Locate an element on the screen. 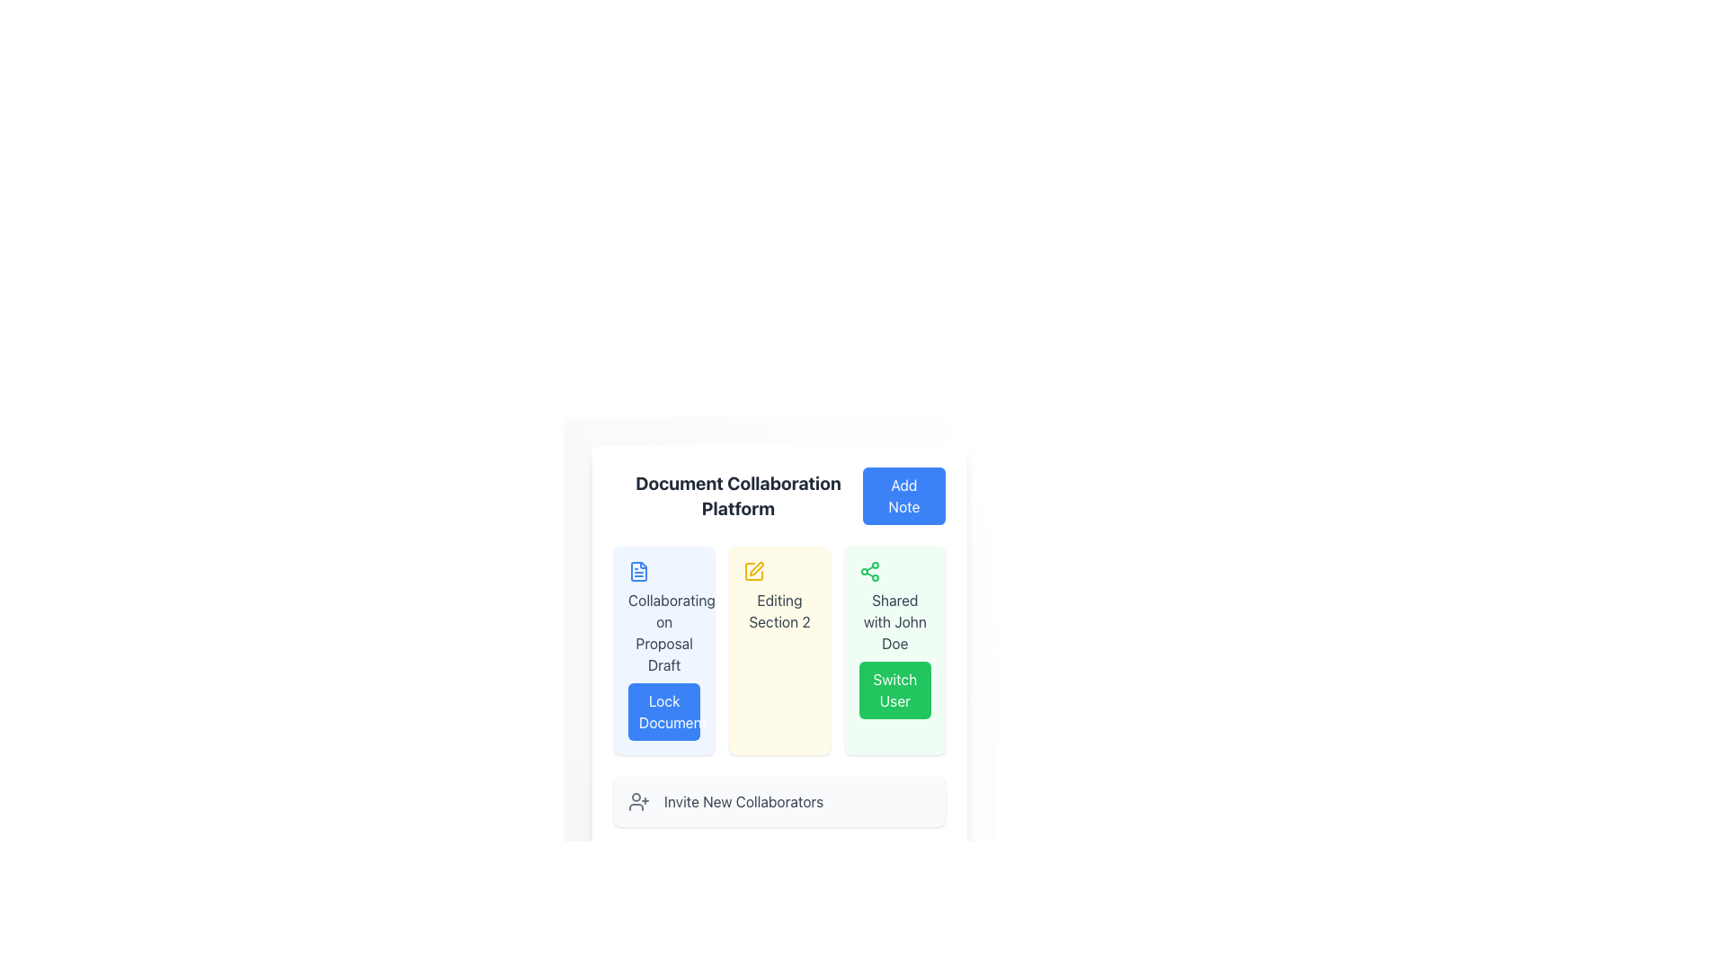  the informational box that prompts to add new collaborators, positioned below the 'Switch User' option and above the 'Save Progress' button is located at coordinates (779, 800).